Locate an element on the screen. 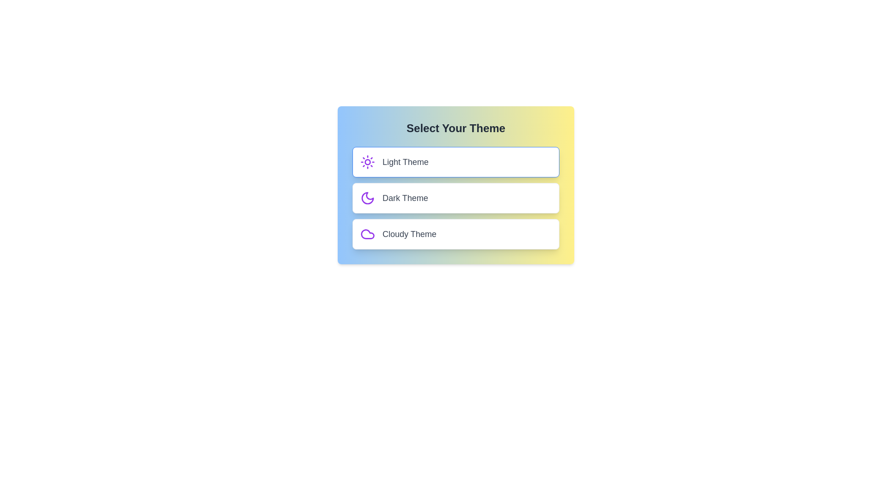 Image resolution: width=887 pixels, height=499 pixels. the 'Cloudy Theme' label, which serves as a descriptive label for the theme option in the selection interface is located at coordinates (409, 233).